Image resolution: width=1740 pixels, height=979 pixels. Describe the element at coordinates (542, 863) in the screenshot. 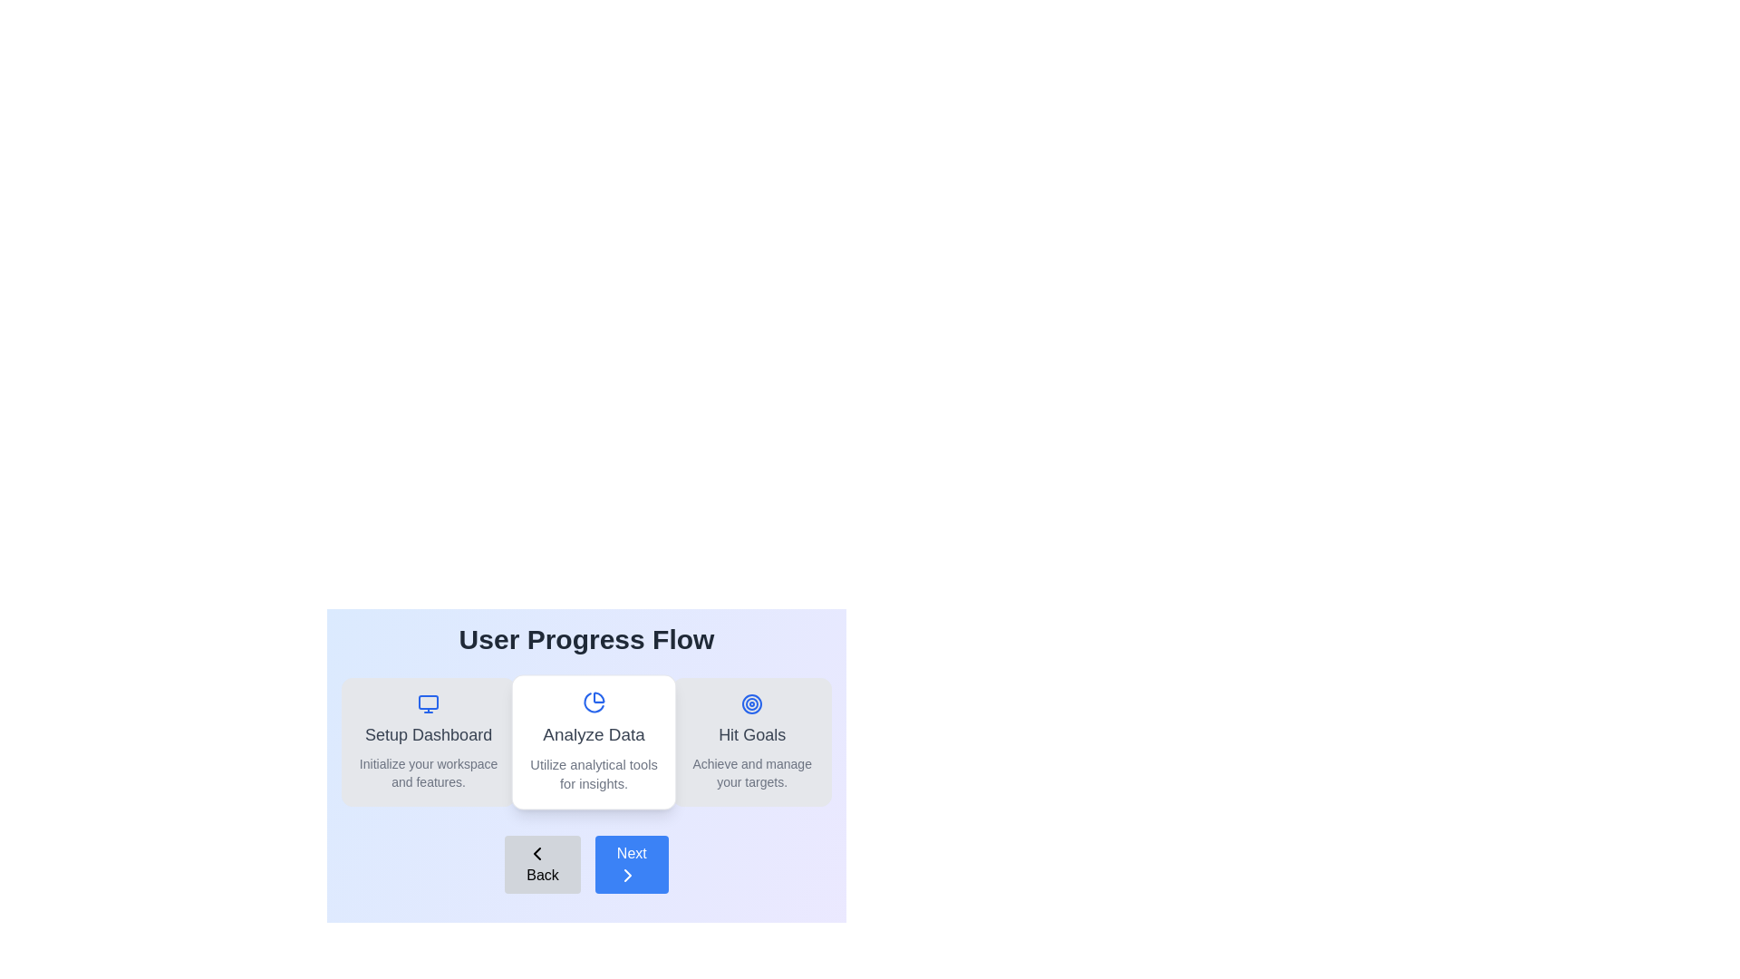

I see `'Back' button to navigate to the previous step` at that location.